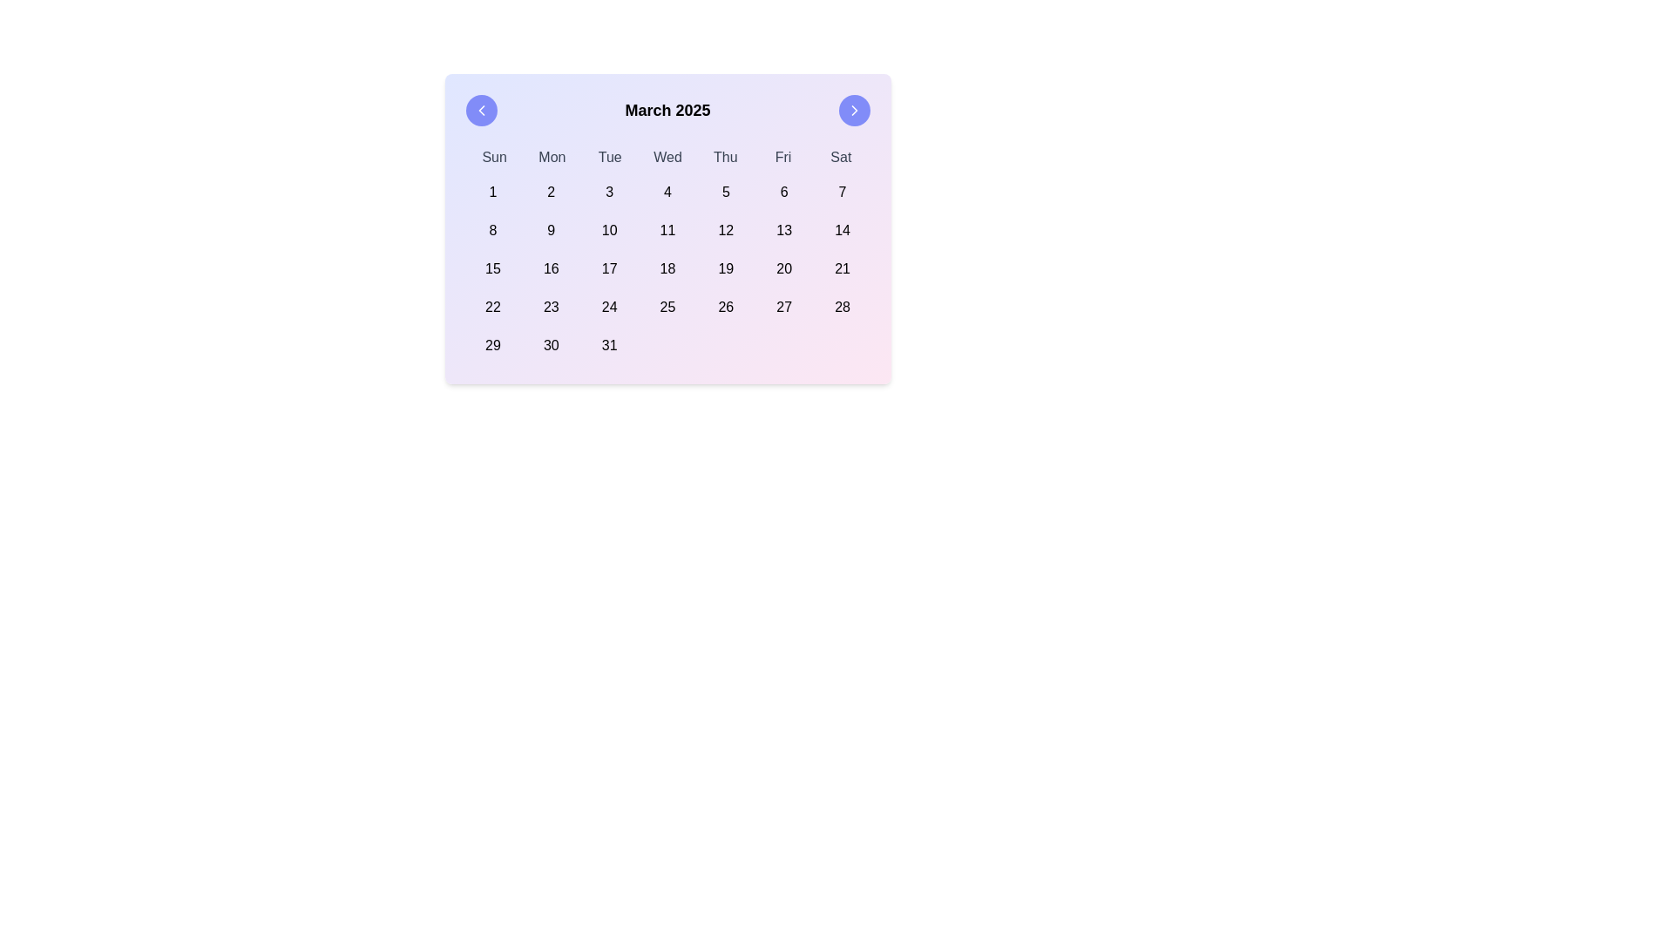 The width and height of the screenshot is (1673, 941). Describe the element at coordinates (667, 192) in the screenshot. I see `the rounded rectangular button labeled '4'` at that location.